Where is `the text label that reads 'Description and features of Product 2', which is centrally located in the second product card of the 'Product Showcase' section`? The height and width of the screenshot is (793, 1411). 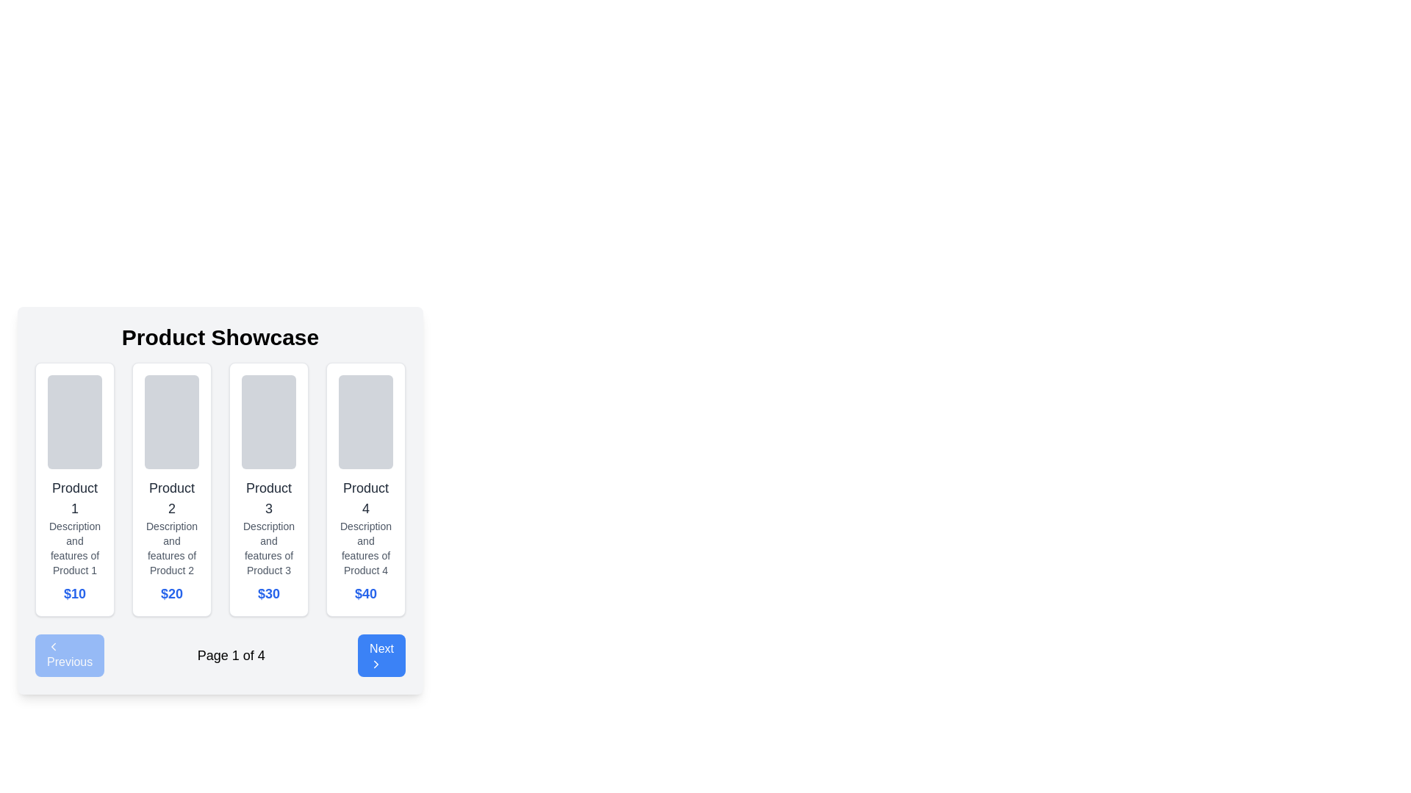
the text label that reads 'Description and features of Product 2', which is centrally located in the second product card of the 'Product Showcase' section is located at coordinates (172, 548).